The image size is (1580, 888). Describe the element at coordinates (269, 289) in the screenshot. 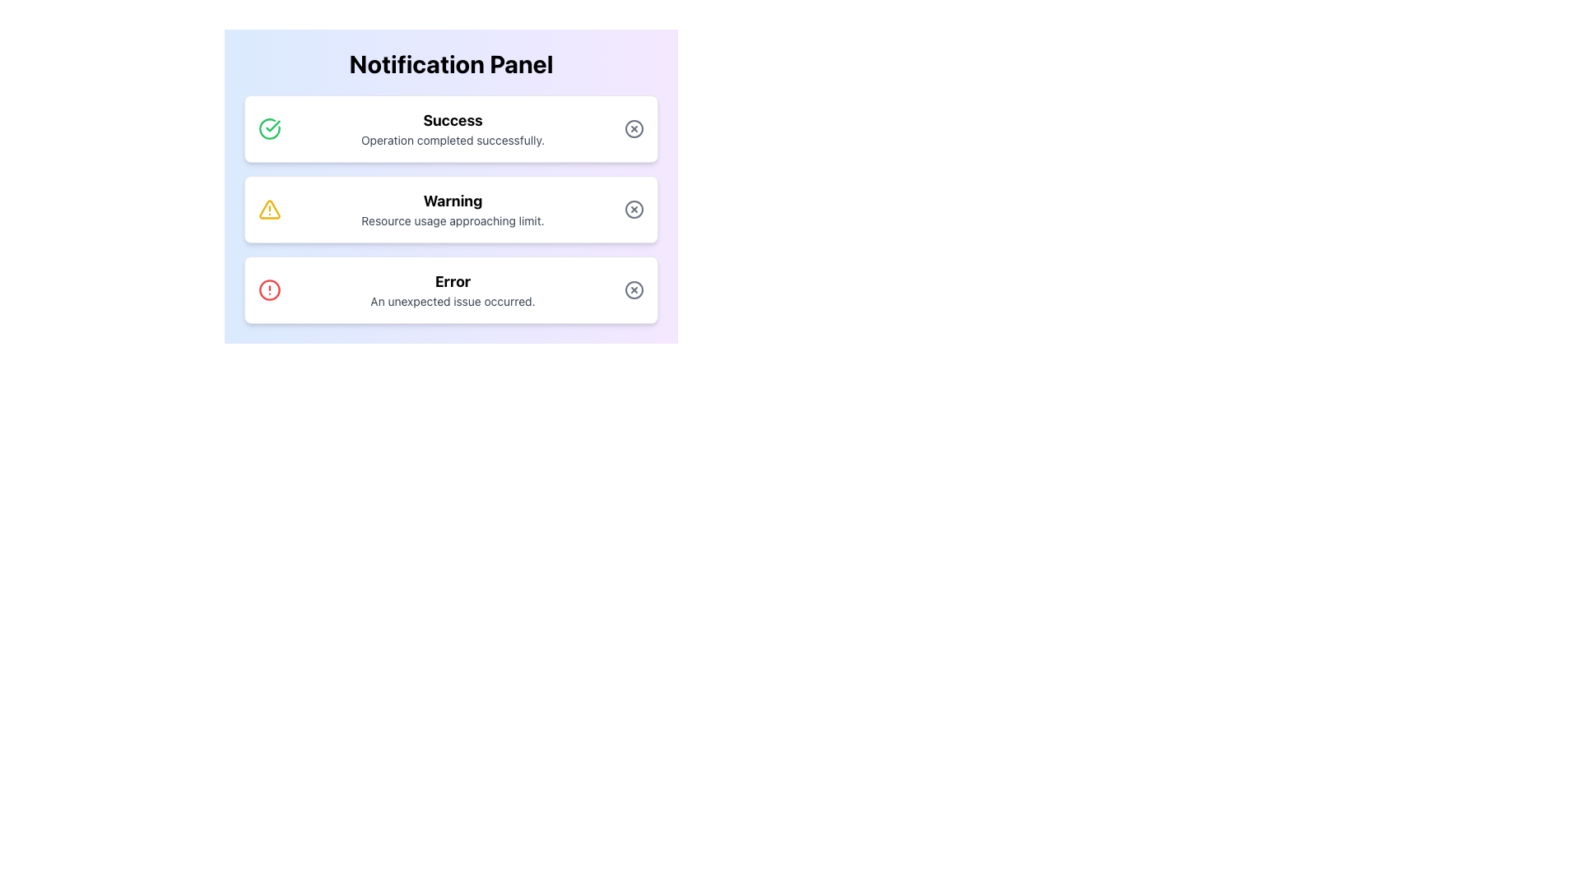

I see `the graphical icon located in the third notification card that indicates an 'Error' message` at that location.